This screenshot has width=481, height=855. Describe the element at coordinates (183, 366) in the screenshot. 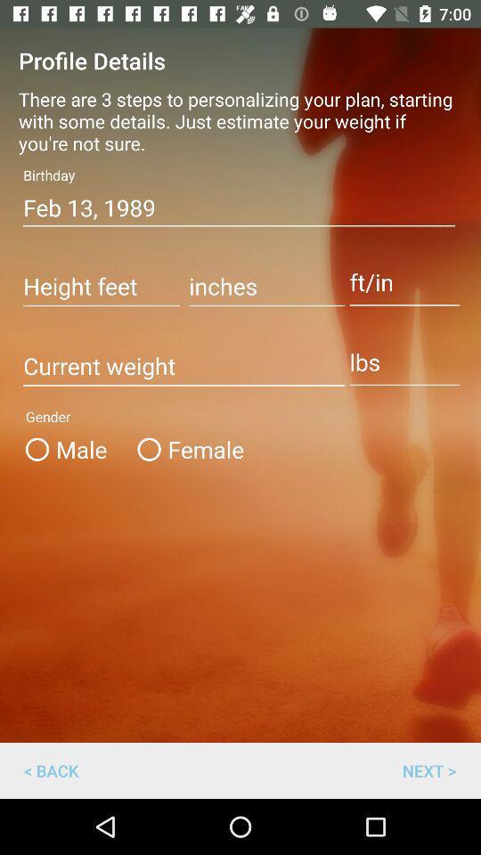

I see `icon above gender` at that location.